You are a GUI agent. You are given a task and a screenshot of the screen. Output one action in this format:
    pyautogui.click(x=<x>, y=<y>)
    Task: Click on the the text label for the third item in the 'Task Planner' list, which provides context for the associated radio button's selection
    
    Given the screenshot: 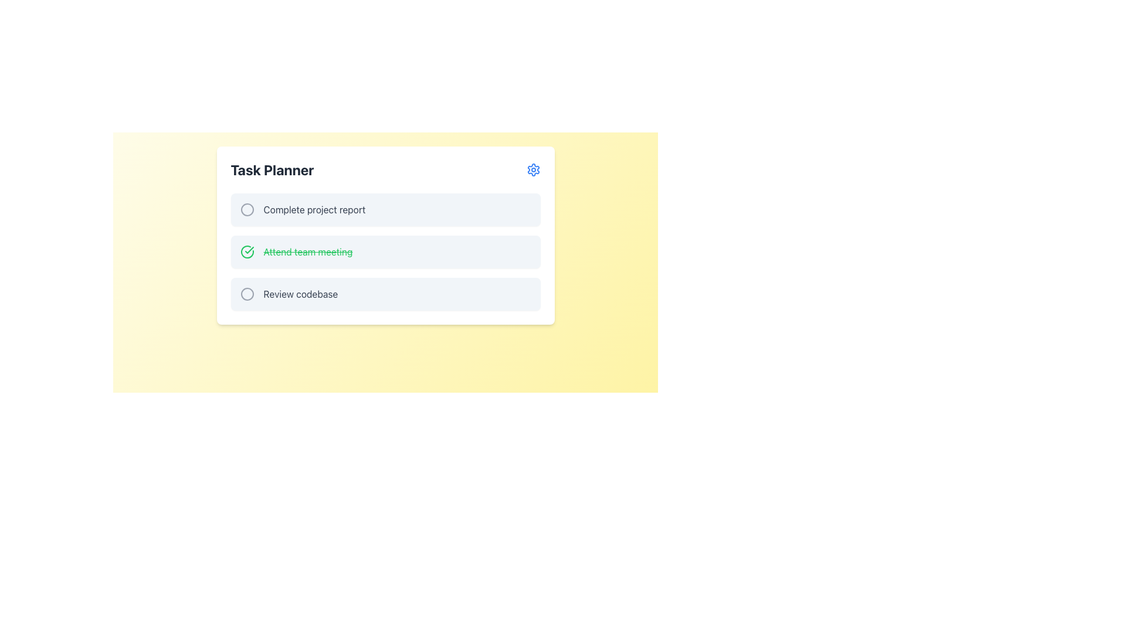 What is the action you would take?
    pyautogui.click(x=300, y=293)
    